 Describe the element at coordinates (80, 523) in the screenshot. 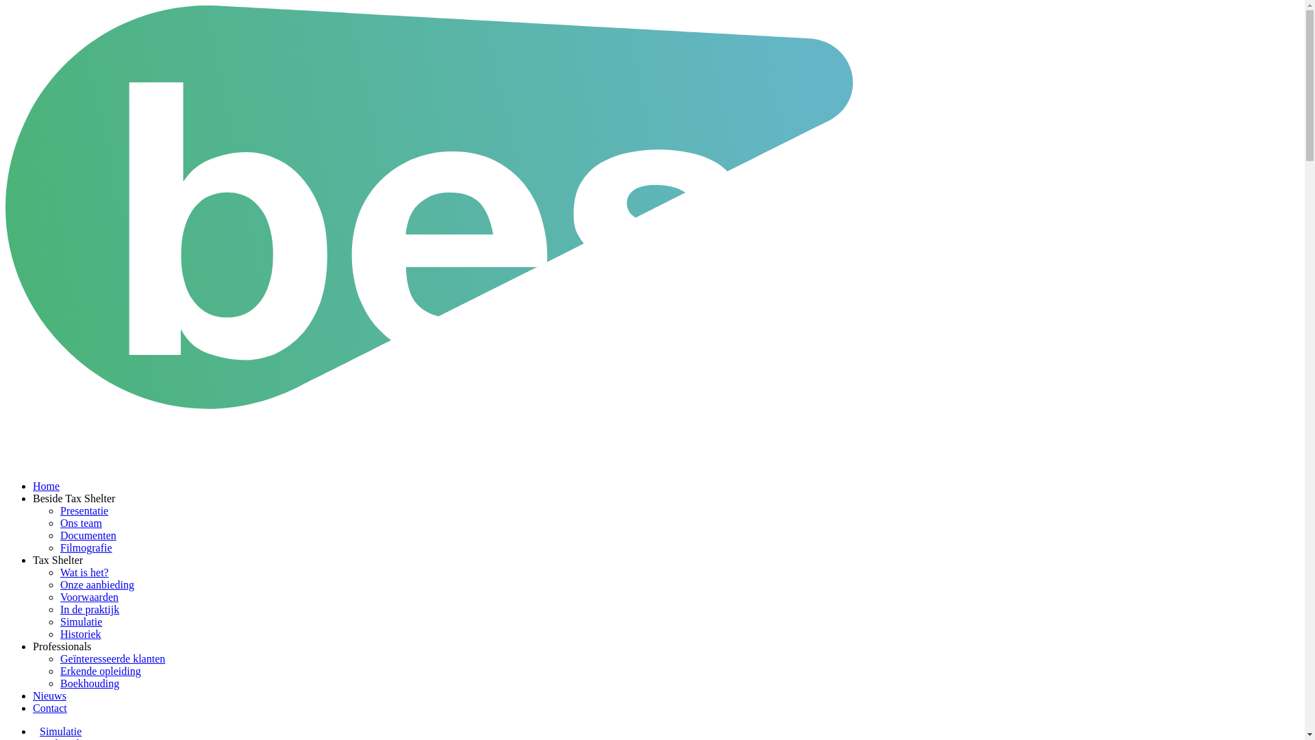

I see `'Ons team'` at that location.